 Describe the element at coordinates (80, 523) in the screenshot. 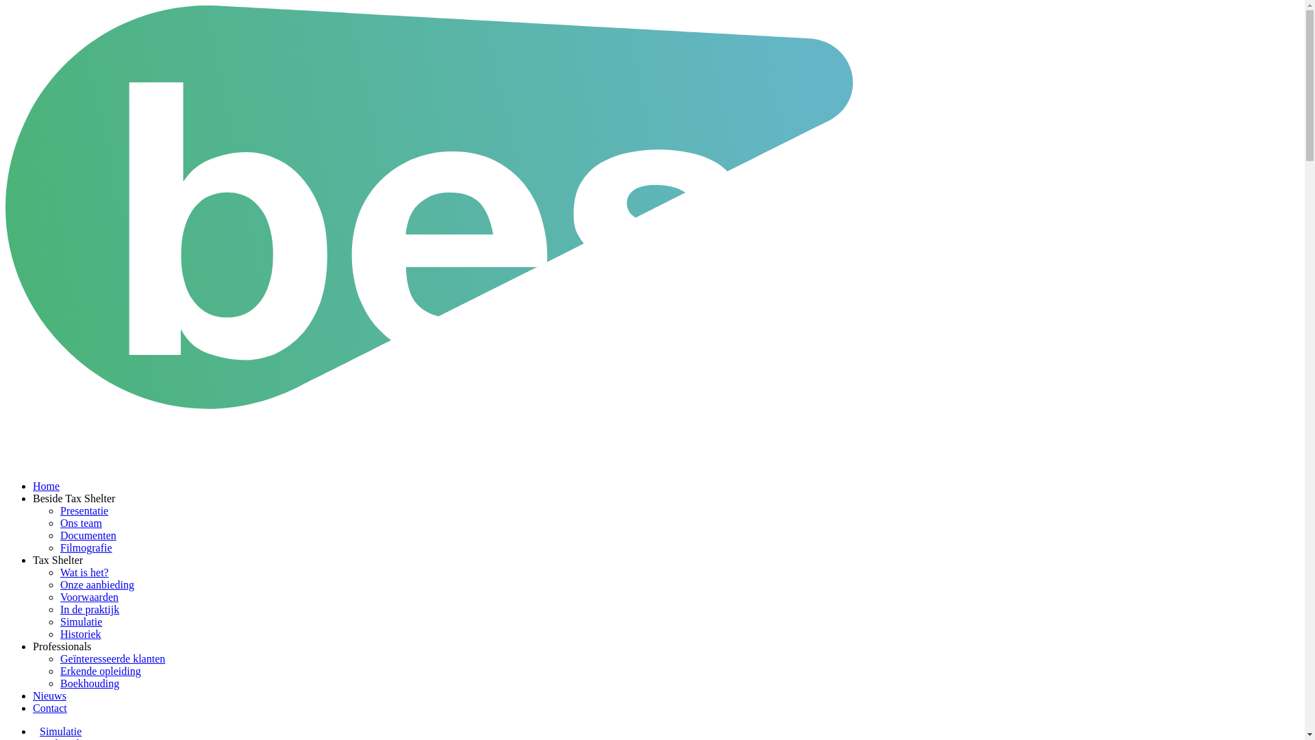

I see `'Ons team'` at that location.